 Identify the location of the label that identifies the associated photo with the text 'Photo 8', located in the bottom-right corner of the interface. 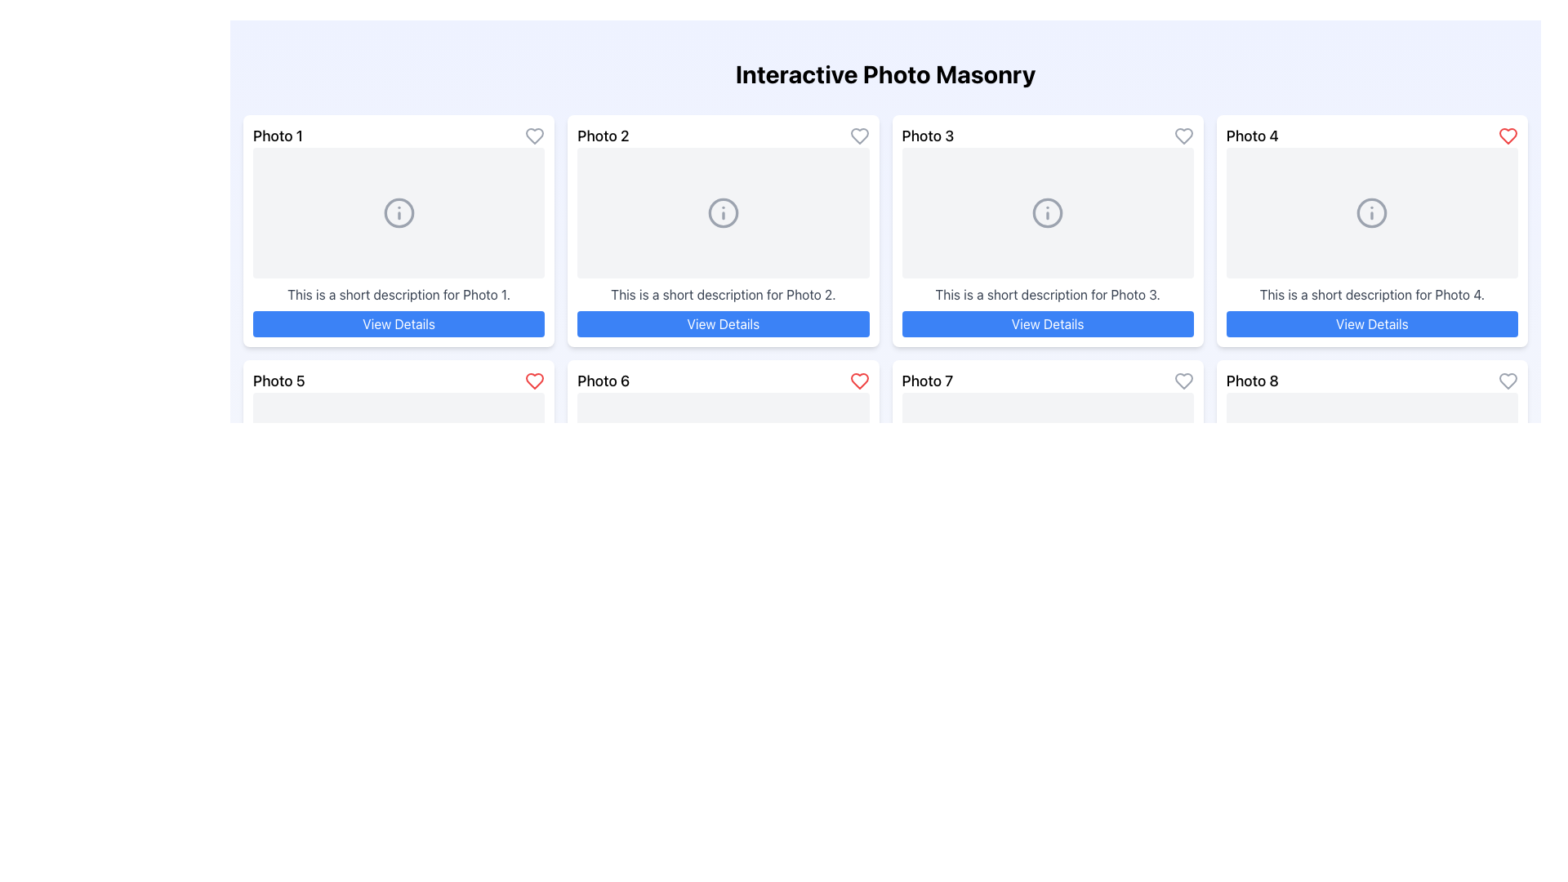
(1251, 381).